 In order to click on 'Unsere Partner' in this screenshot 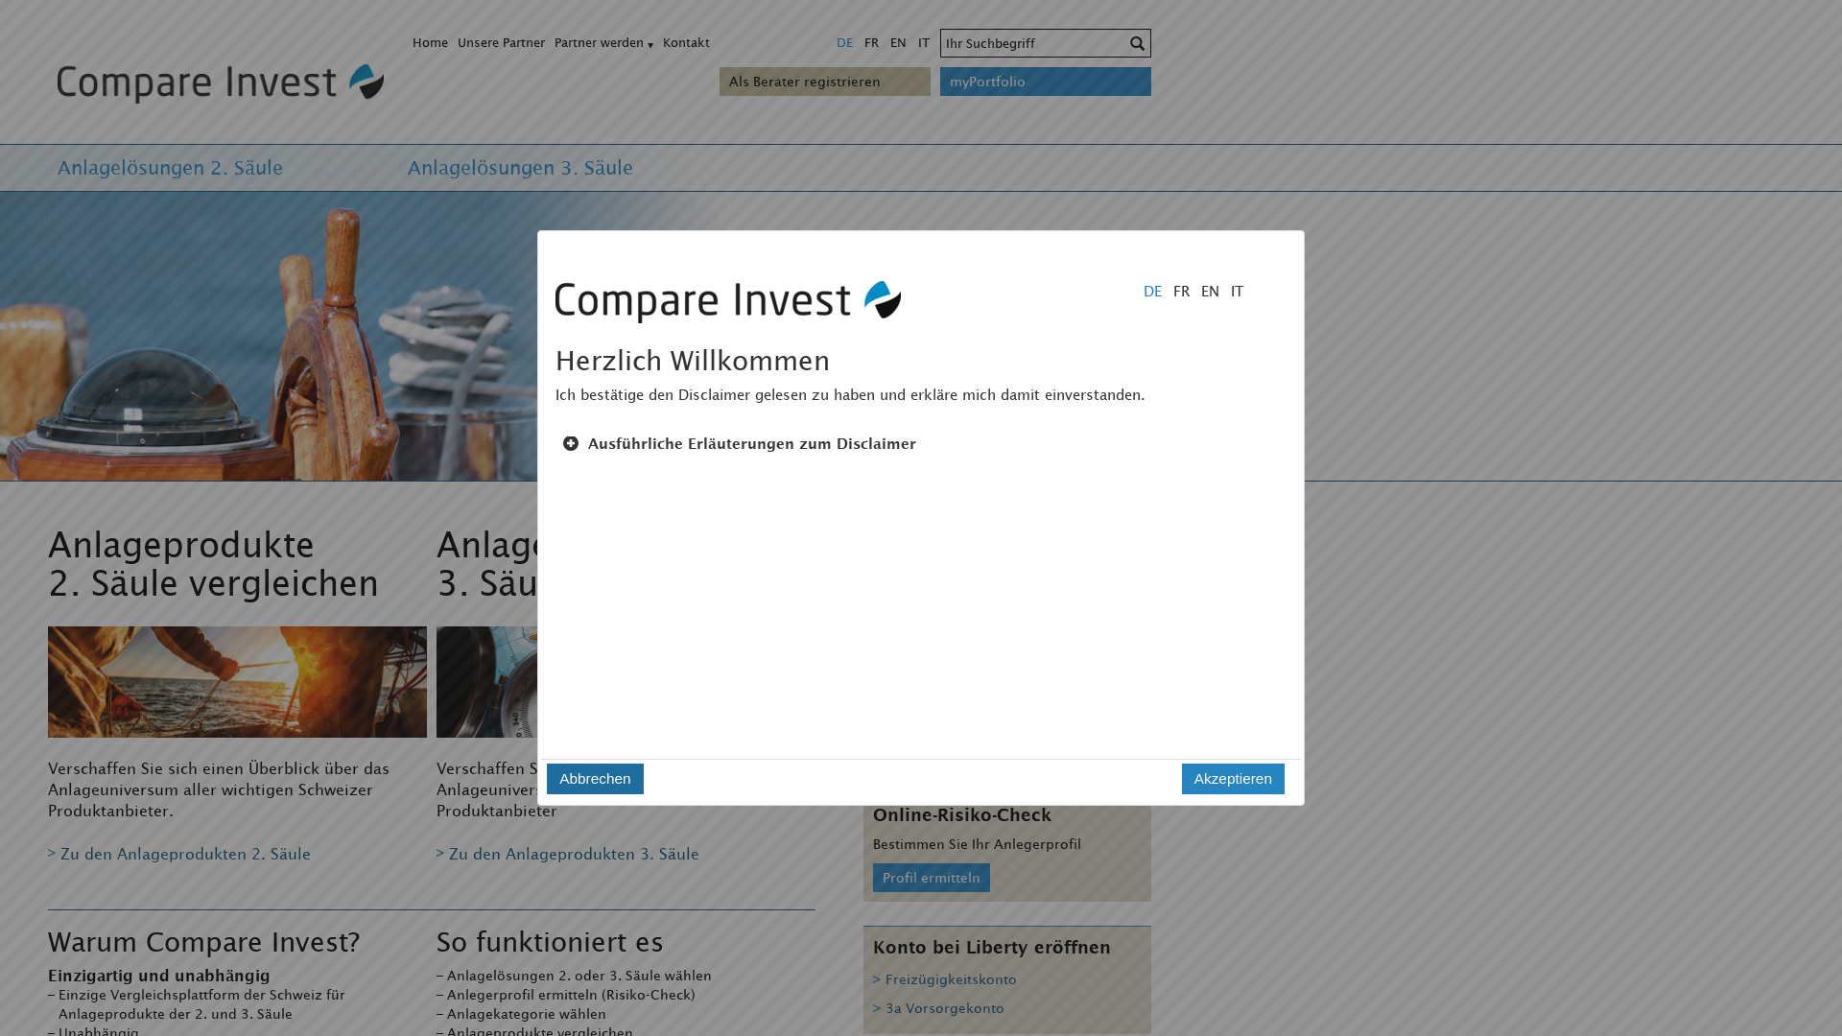, I will do `click(501, 42)`.